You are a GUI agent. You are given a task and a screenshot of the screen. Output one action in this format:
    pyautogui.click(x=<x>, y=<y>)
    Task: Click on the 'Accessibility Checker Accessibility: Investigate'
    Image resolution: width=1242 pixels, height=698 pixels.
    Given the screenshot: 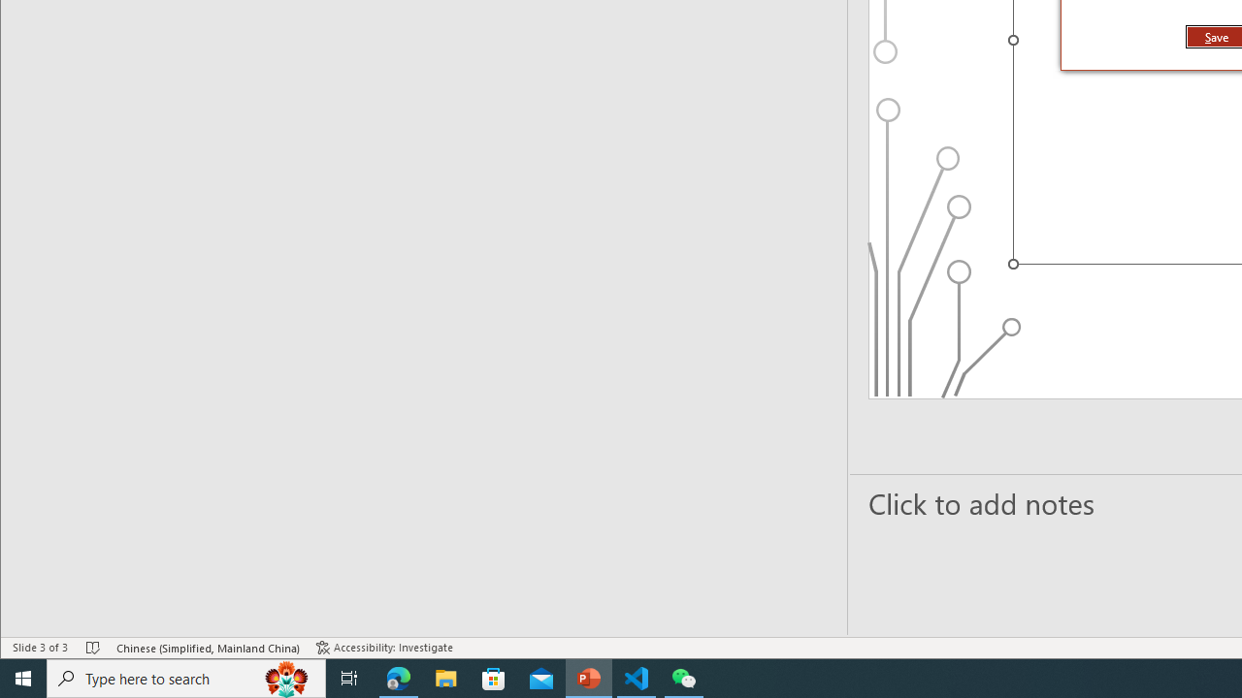 What is the action you would take?
    pyautogui.click(x=384, y=648)
    